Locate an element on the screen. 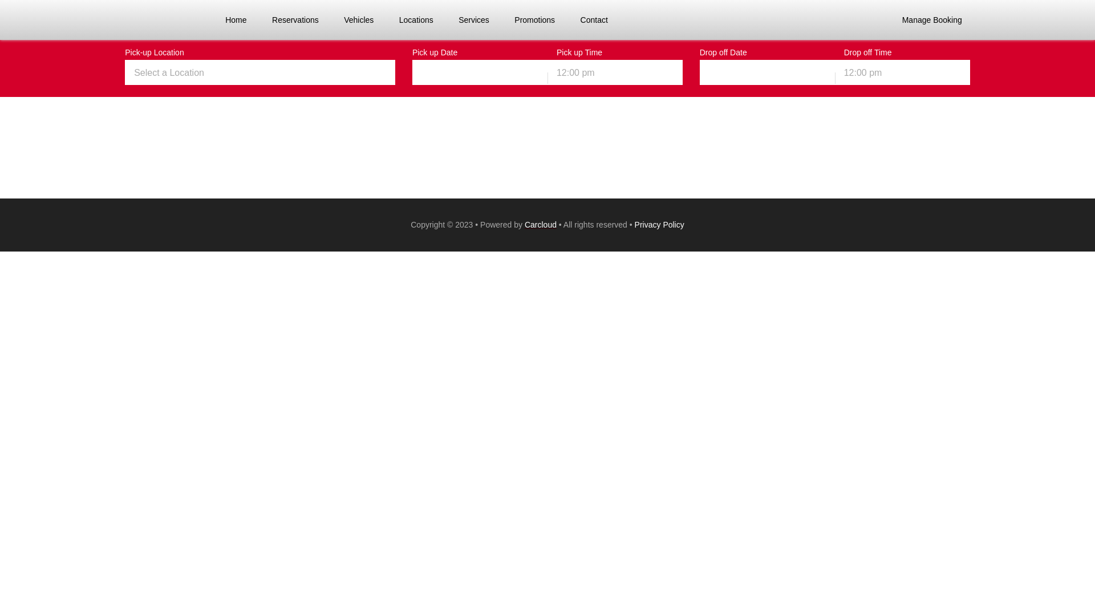  'Privacy Policy' is located at coordinates (659, 224).